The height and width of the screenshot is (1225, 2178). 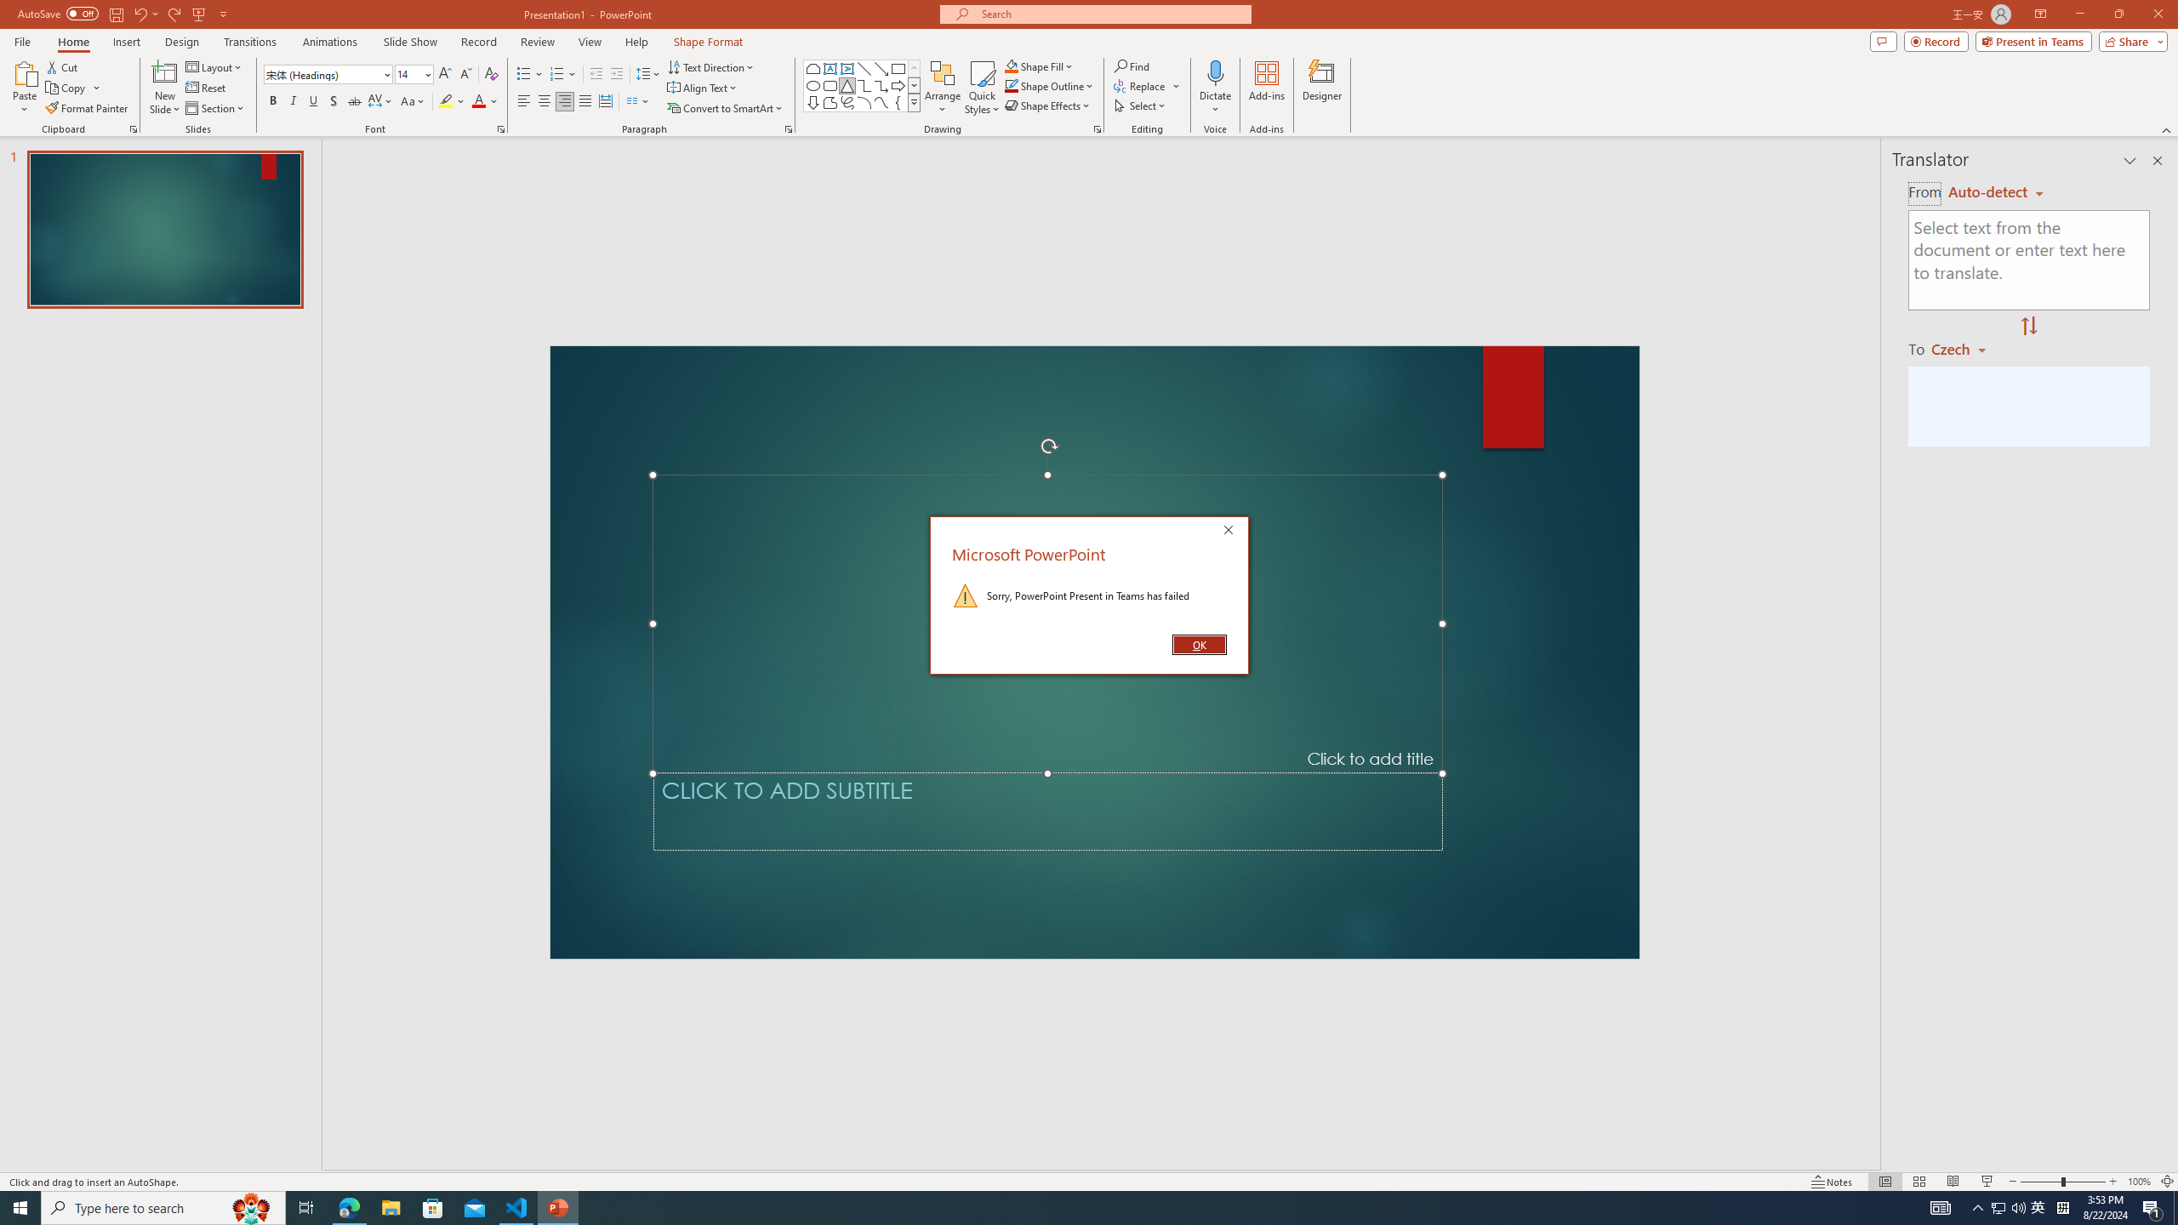 I want to click on 'Warning Icon', so click(x=965, y=594).